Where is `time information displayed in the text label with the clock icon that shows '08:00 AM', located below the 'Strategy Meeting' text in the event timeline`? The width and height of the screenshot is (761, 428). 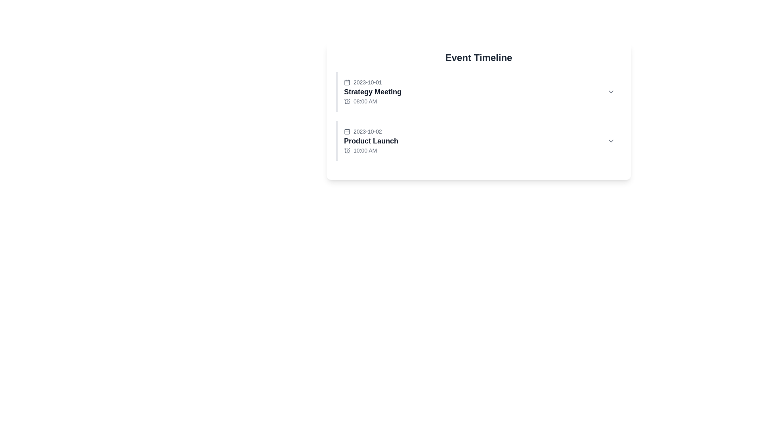
time information displayed in the text label with the clock icon that shows '08:00 AM', located below the 'Strategy Meeting' text in the event timeline is located at coordinates (372, 101).